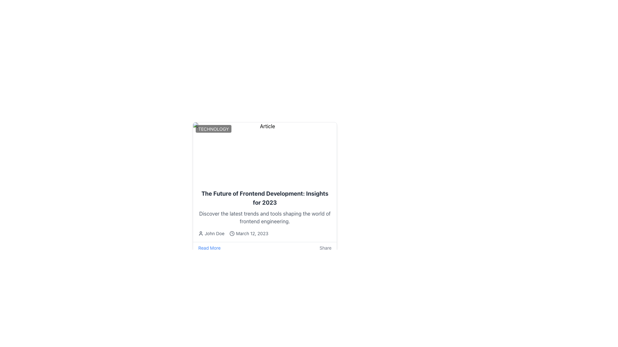 The width and height of the screenshot is (618, 347). I want to click on the small circular clock icon located to the right of 'John Doe' and to the left of the date 'March 12, 2023' at the bottom of the main content card, so click(232, 233).